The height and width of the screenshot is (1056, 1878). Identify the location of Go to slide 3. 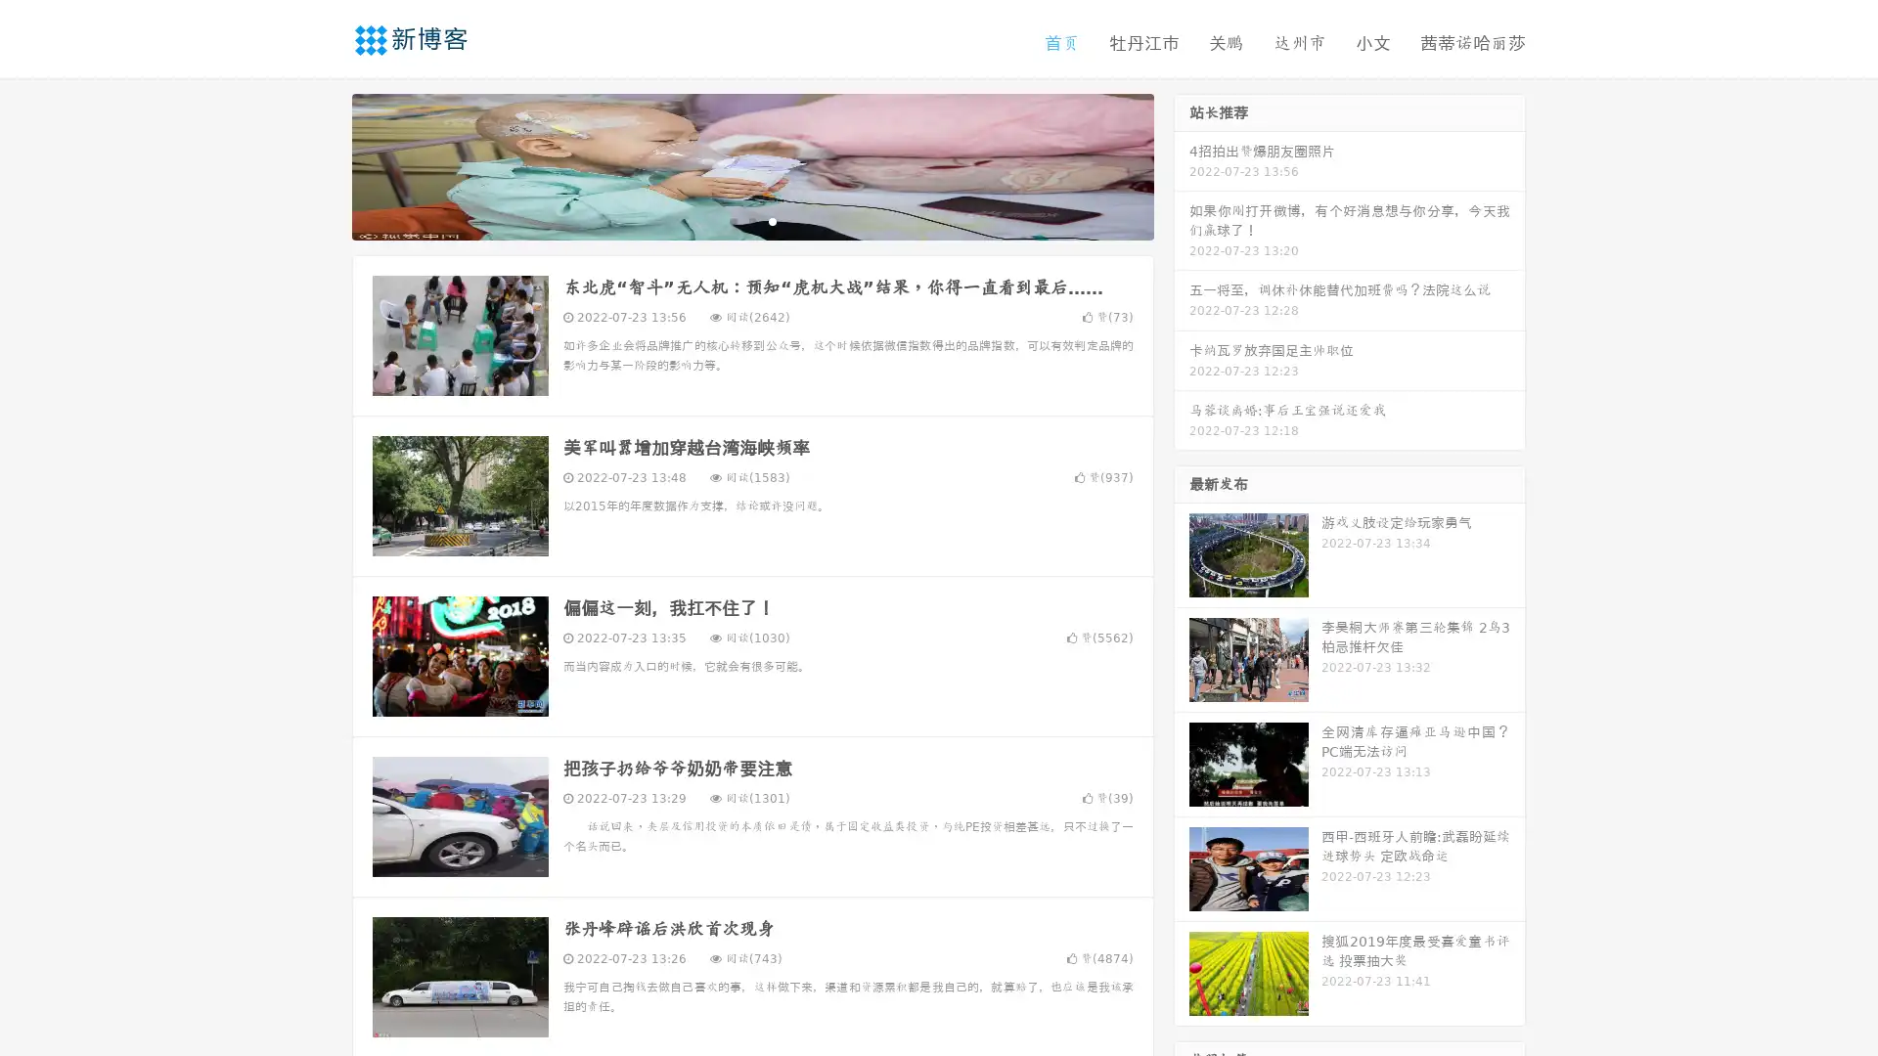
(772, 220).